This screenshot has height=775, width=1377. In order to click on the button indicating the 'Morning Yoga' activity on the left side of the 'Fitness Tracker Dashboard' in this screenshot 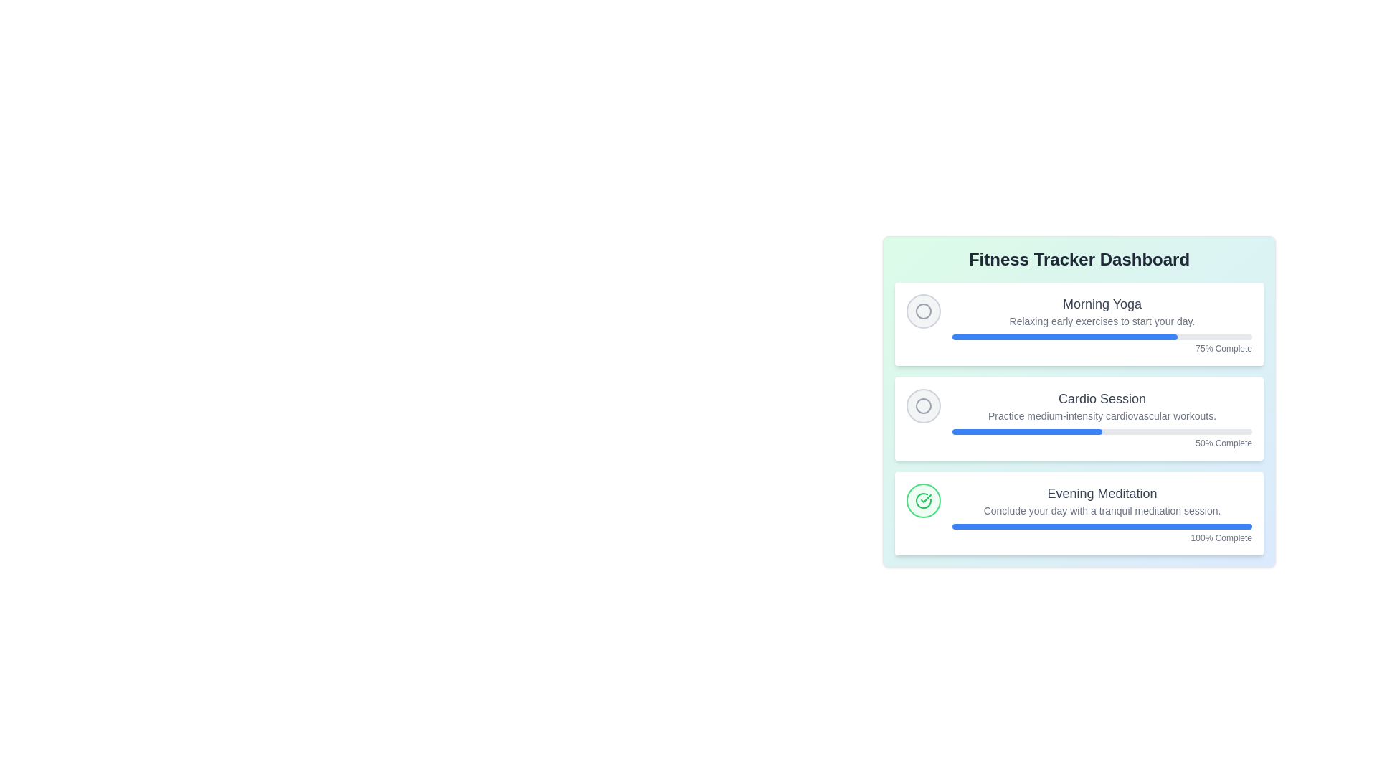, I will do `click(923, 311)`.